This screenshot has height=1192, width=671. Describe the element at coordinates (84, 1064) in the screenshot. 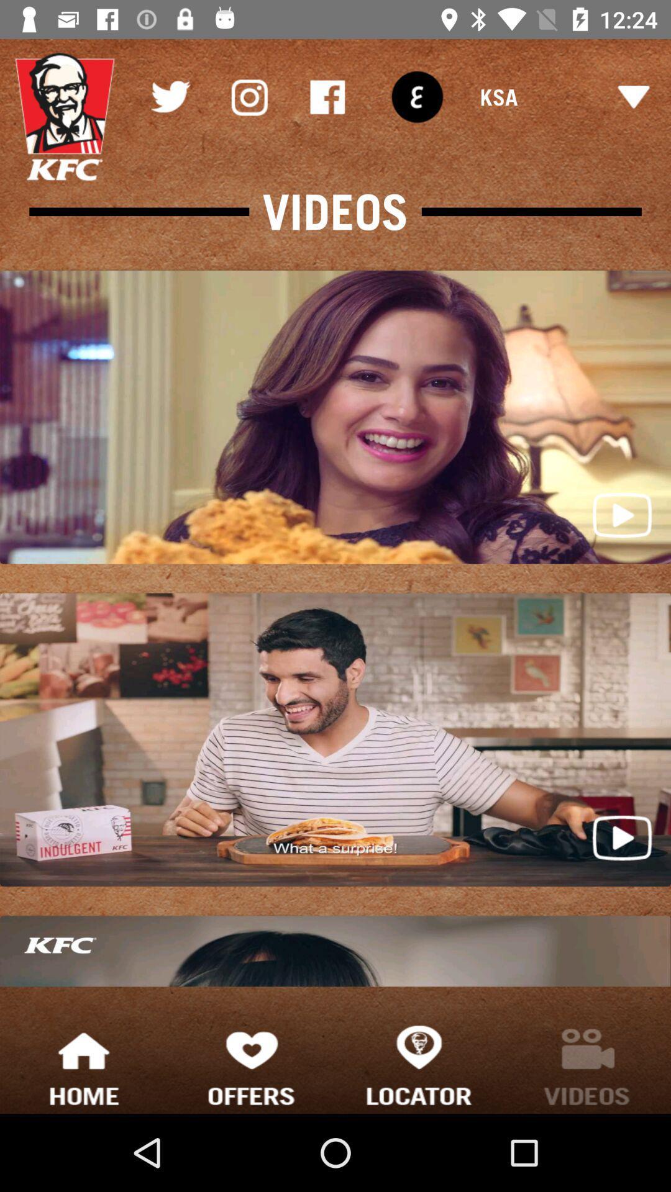

I see `icon at the bottom left corner` at that location.